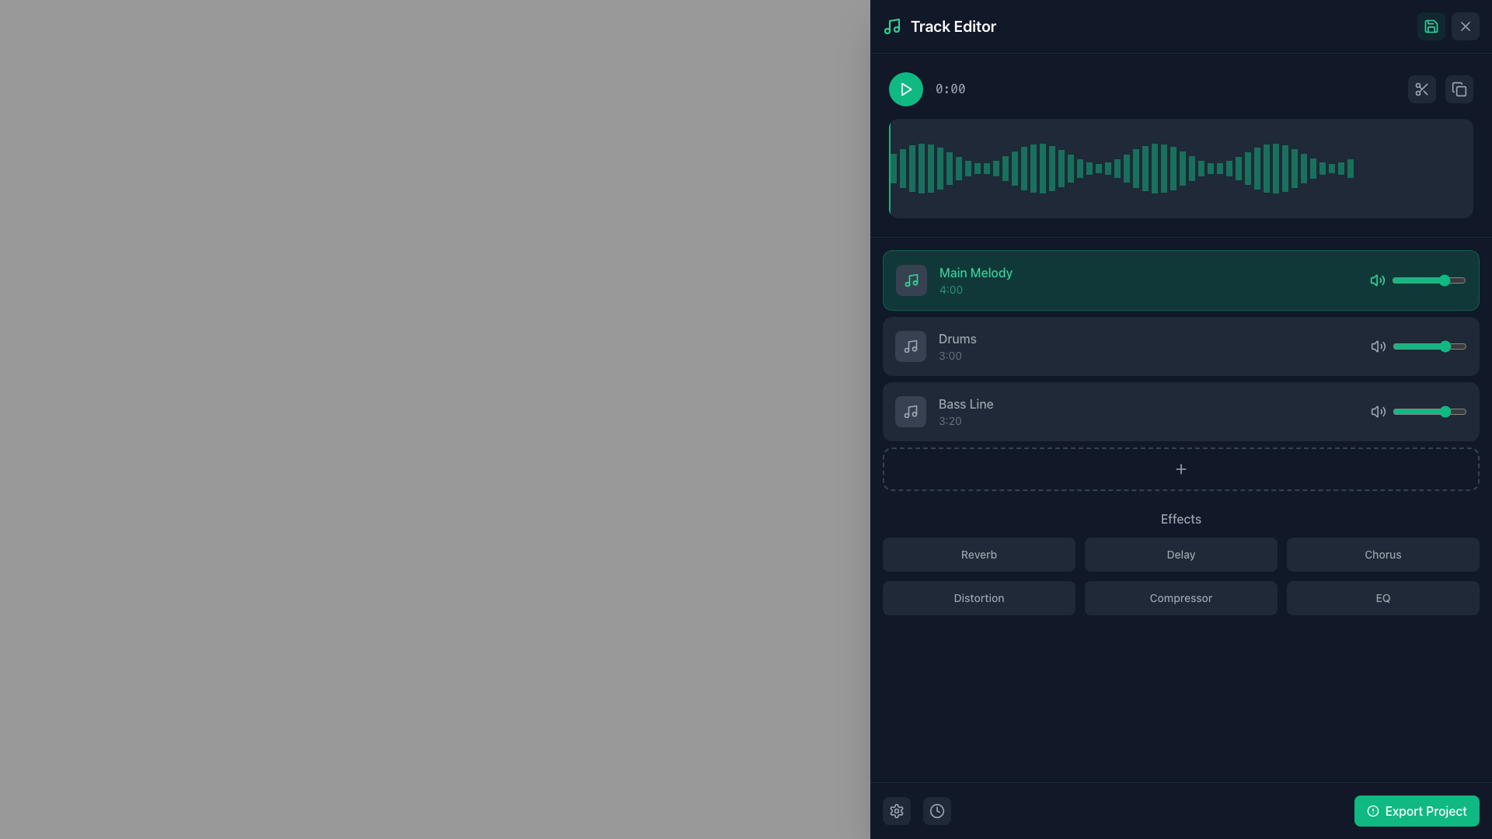 The image size is (1492, 839). What do you see at coordinates (1237, 168) in the screenshot?
I see `the translucent green graphical bar indicator located towards the right in the waveform display to highlight a specific position` at bounding box center [1237, 168].